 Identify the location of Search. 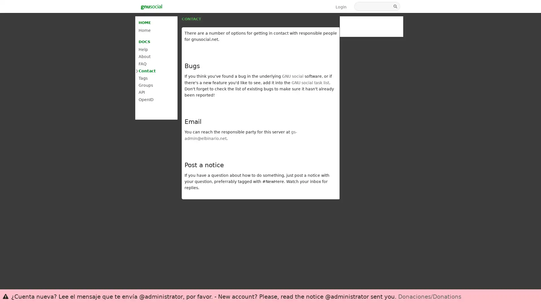
(396, 6).